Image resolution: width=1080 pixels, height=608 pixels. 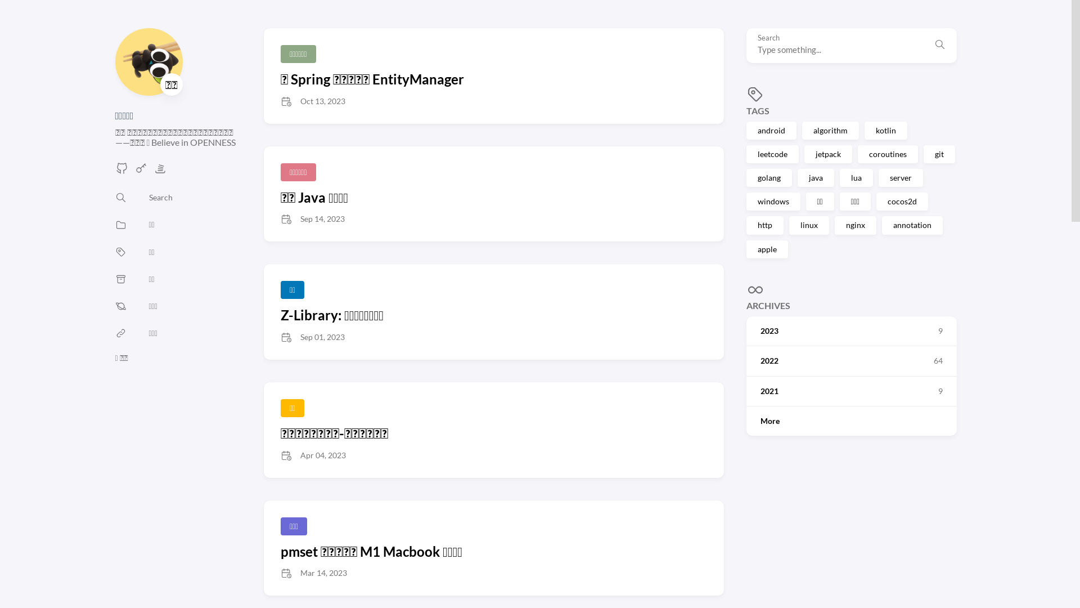 I want to click on 'lua', so click(x=855, y=177).